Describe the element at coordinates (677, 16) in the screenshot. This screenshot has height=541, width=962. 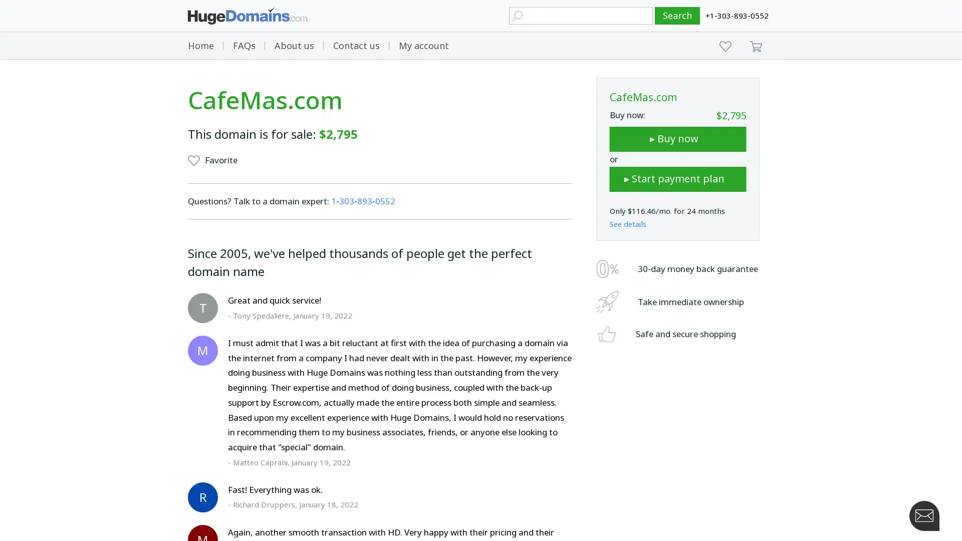
I see `Search` at that location.